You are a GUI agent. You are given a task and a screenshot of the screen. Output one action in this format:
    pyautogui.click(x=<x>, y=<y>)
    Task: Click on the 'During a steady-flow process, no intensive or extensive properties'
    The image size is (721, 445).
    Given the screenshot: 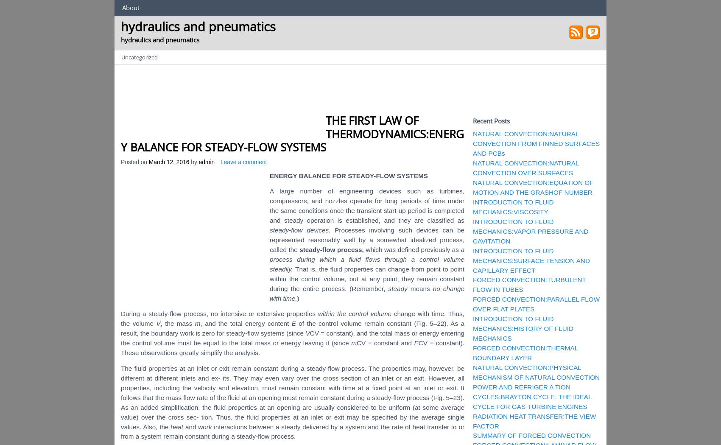 What is the action you would take?
    pyautogui.click(x=219, y=313)
    